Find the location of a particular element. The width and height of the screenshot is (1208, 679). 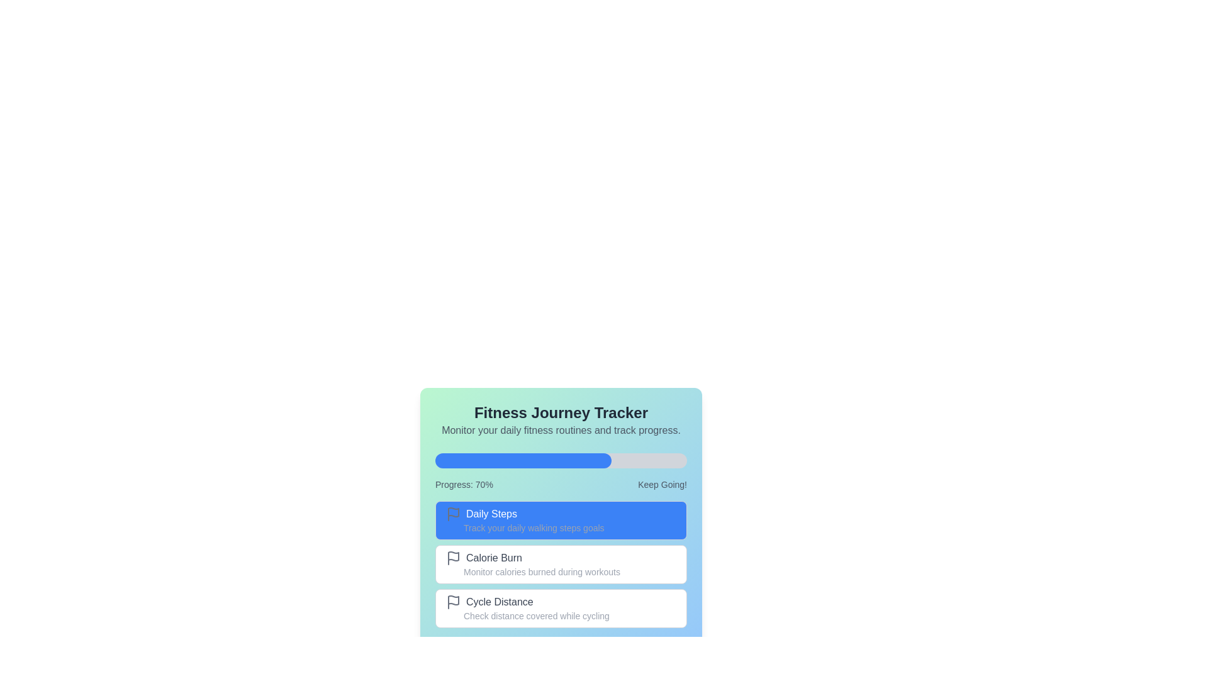

the cycling distance tracking button, which is the third button below 'Daily Steps' and 'Calorie Burn' is located at coordinates (561, 608).